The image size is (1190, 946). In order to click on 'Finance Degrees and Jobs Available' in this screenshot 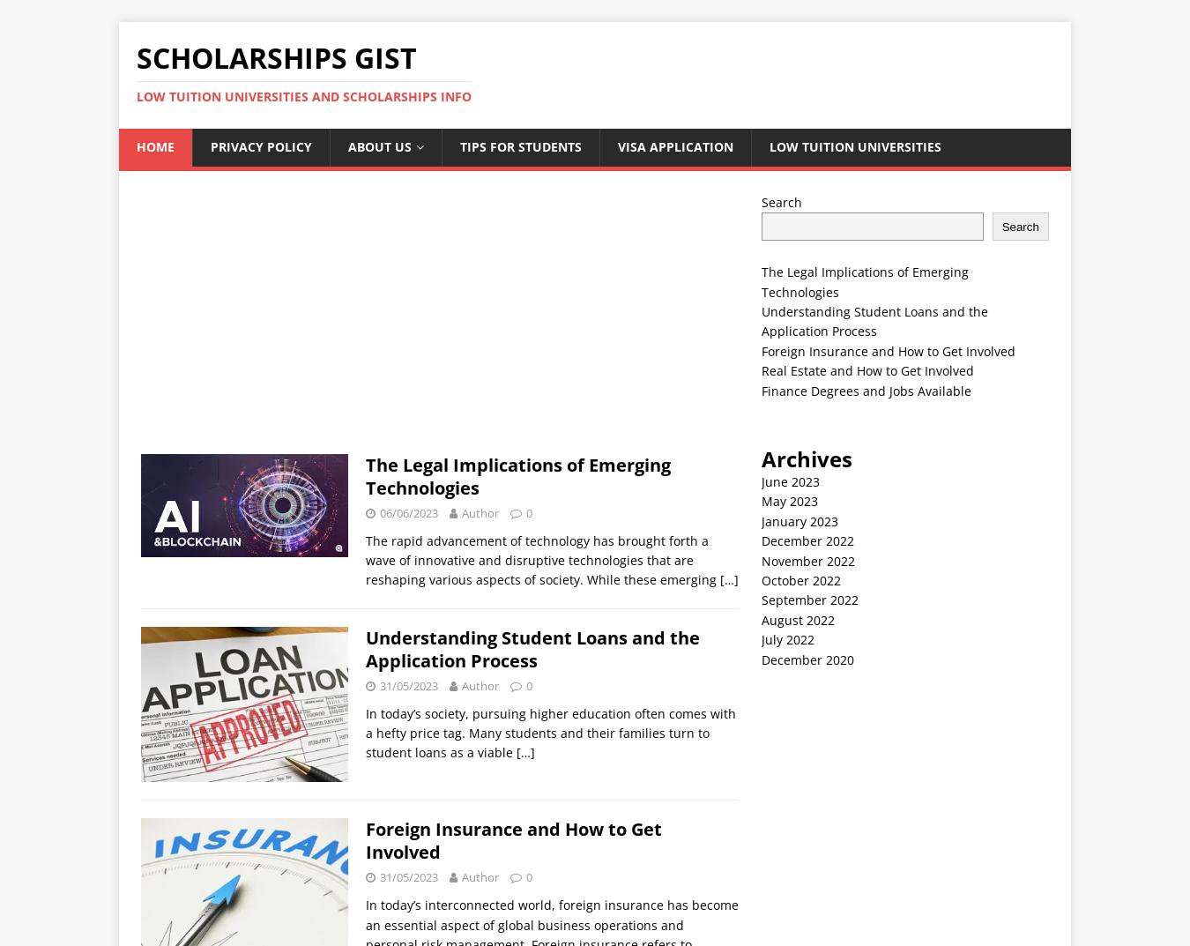, I will do `click(864, 390)`.